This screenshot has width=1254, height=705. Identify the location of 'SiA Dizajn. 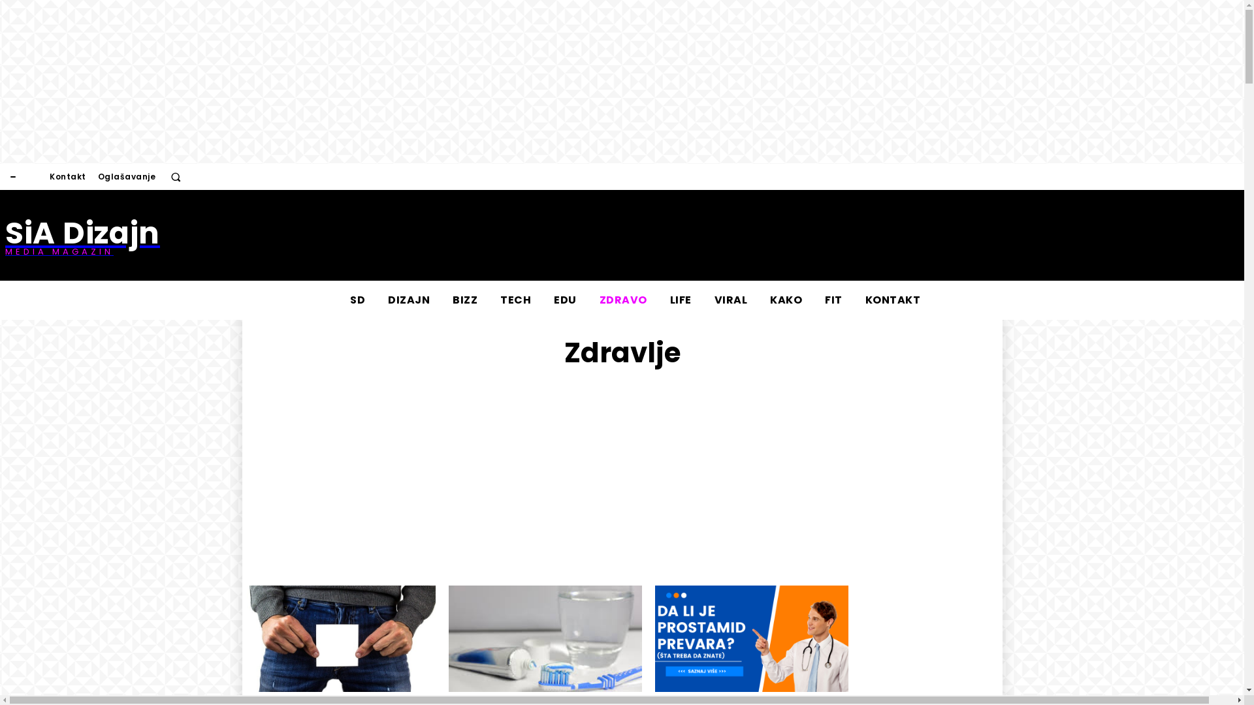
(82, 235).